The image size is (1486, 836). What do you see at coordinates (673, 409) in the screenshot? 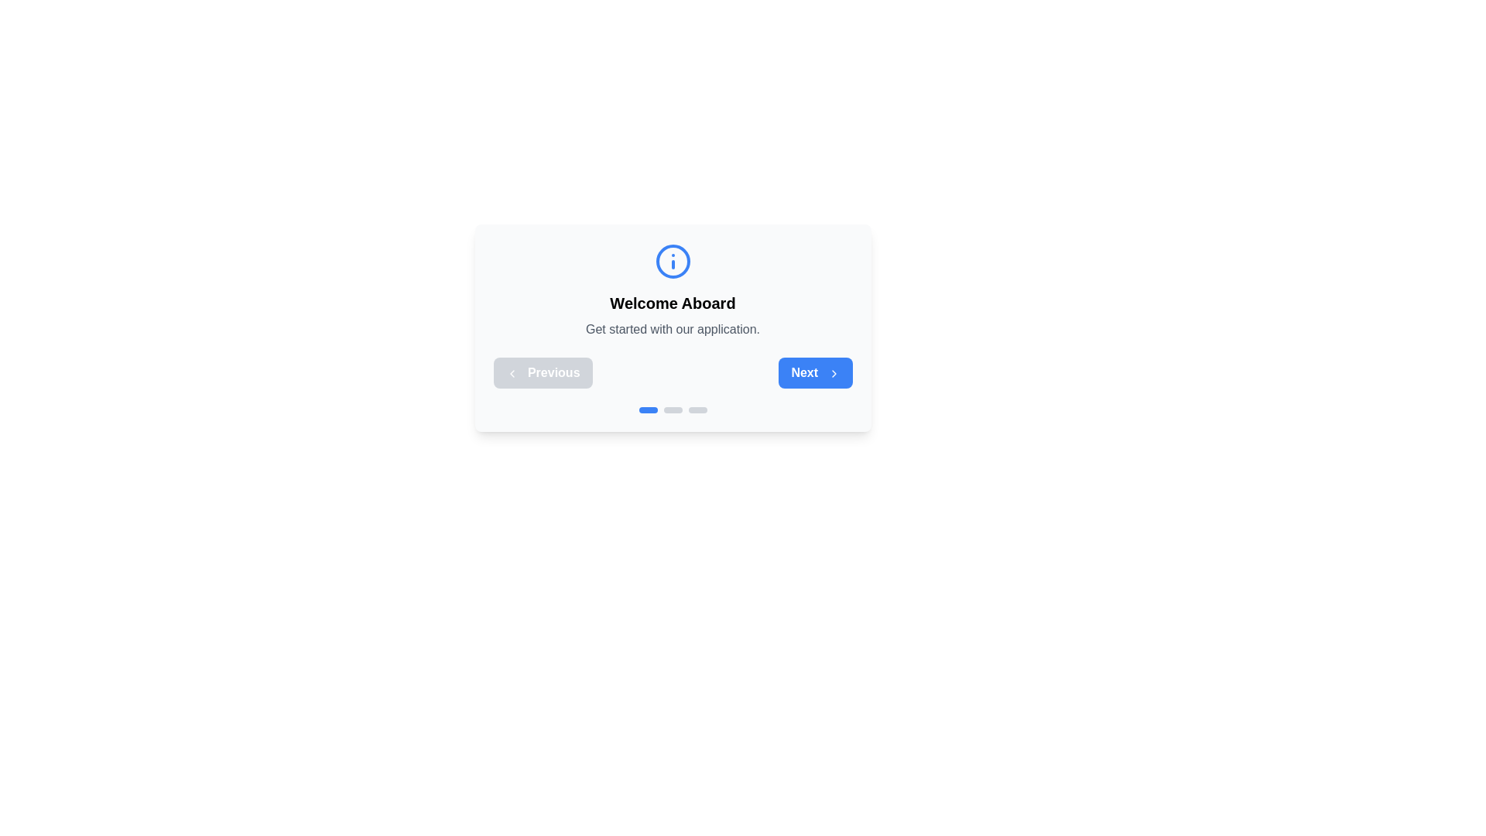
I see `the visual state of the progress indicator located at the bottom of the card-like interface, which displays the current step with a blue rectangle and remaining steps in gray` at bounding box center [673, 409].